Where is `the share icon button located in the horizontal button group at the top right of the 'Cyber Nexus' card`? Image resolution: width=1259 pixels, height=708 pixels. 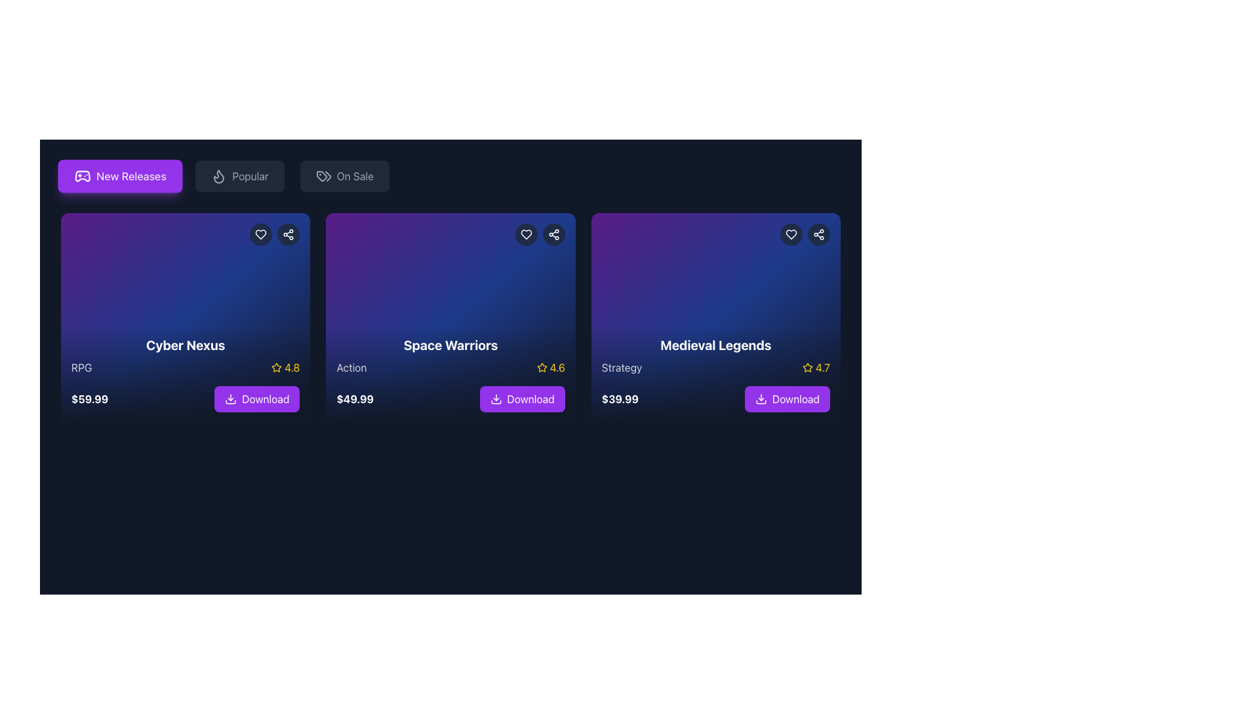 the share icon button located in the horizontal button group at the top right of the 'Cyber Nexus' card is located at coordinates (274, 234).